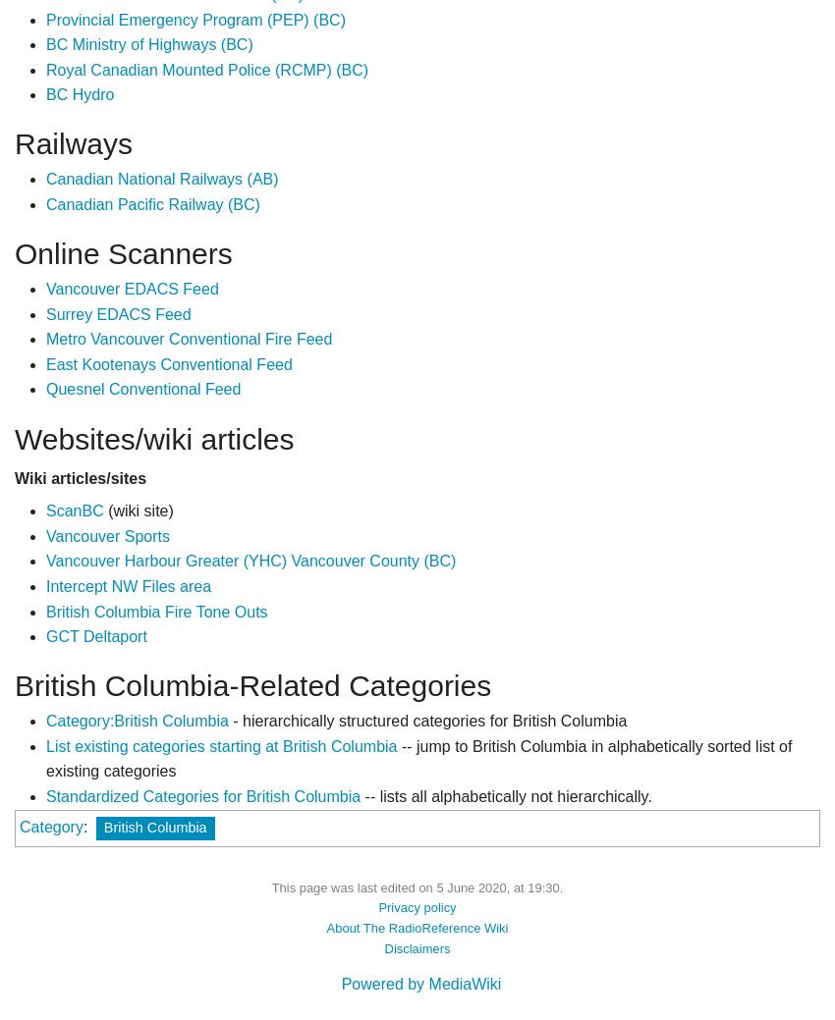  I want to click on 'Category', so click(51, 825).